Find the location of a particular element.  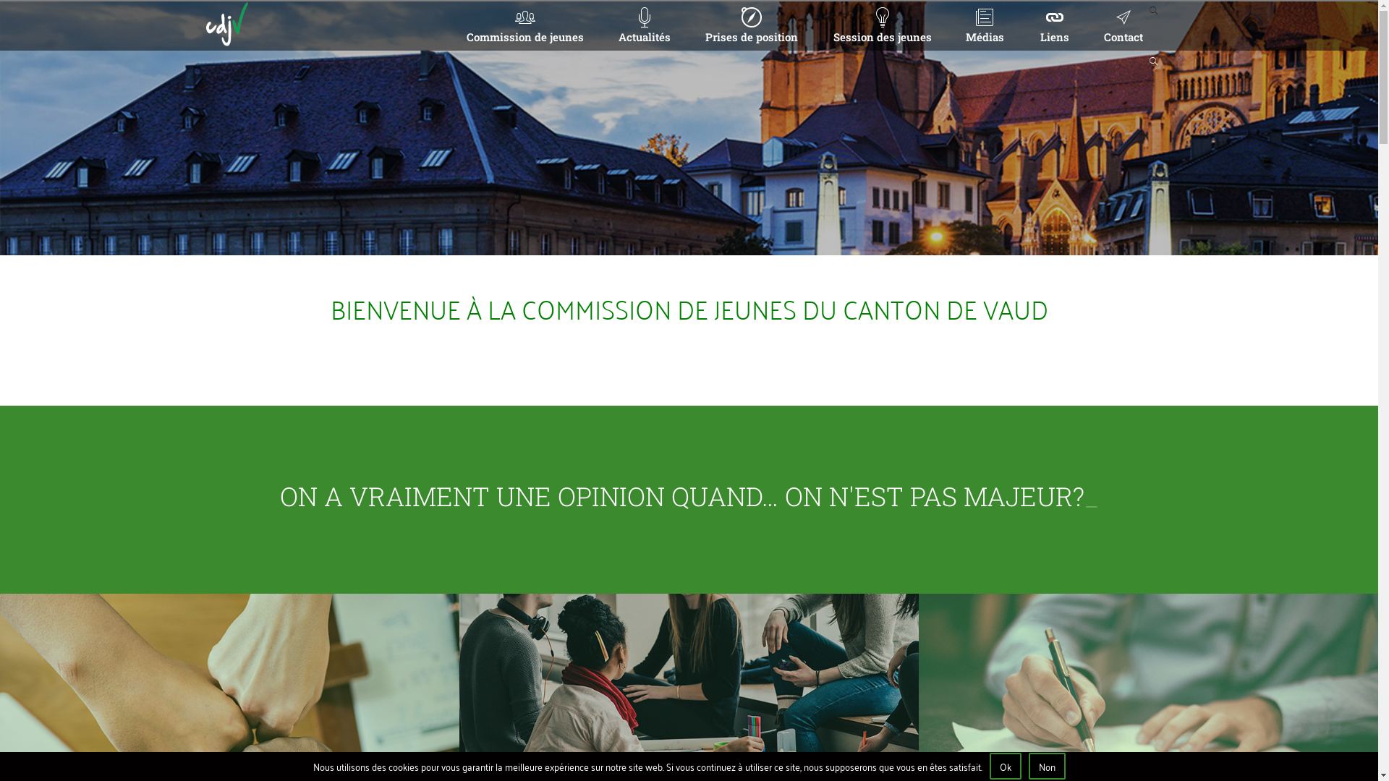

'konsept' is located at coordinates (1087, 733).